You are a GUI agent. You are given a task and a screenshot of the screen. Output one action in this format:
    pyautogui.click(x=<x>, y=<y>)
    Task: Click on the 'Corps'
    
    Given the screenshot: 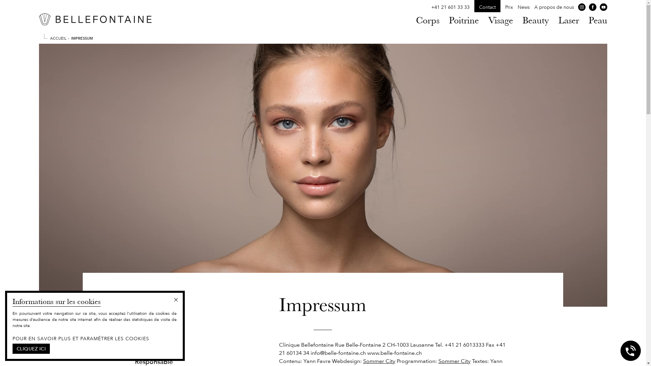 What is the action you would take?
    pyautogui.click(x=427, y=20)
    